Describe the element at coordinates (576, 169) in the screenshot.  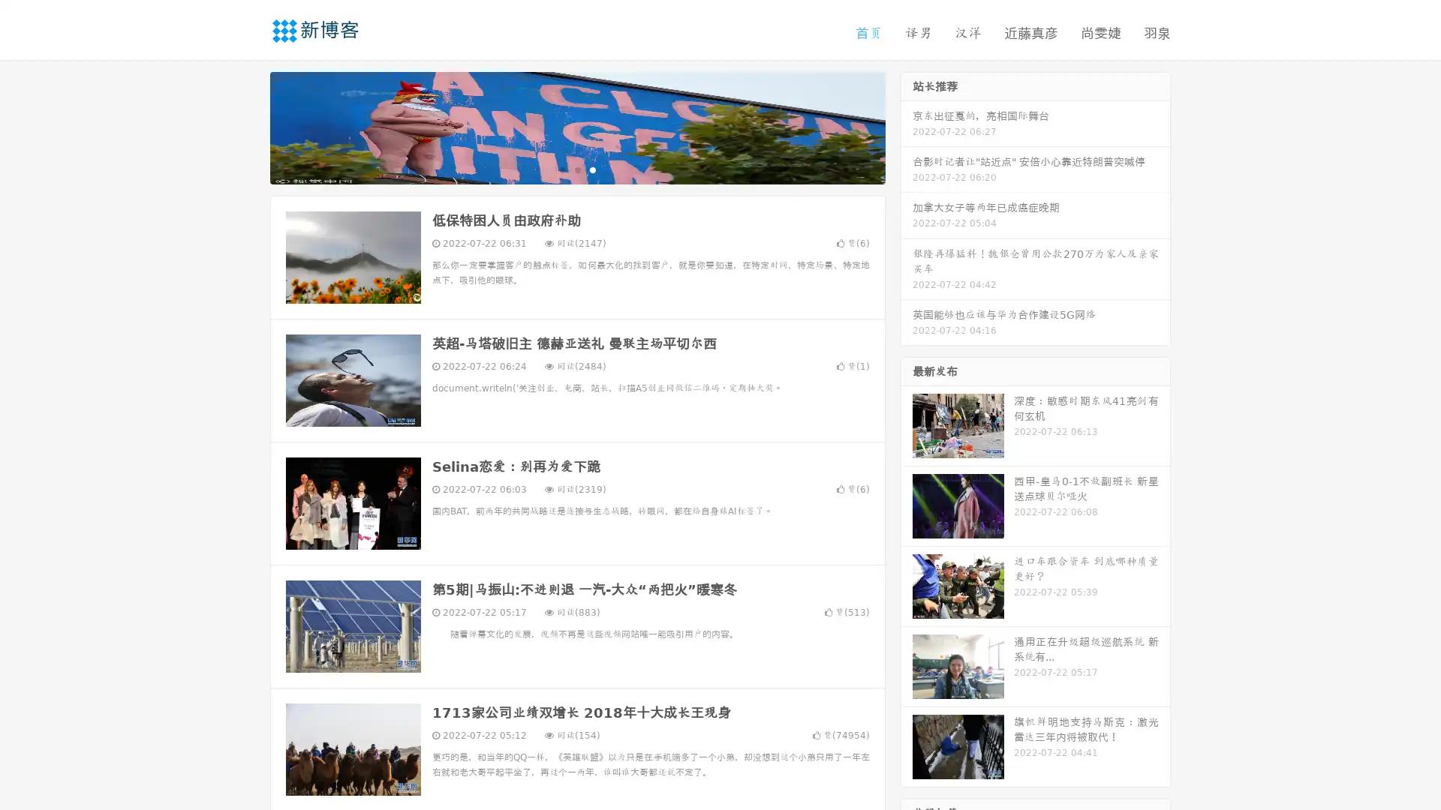
I see `Go to slide 2` at that location.